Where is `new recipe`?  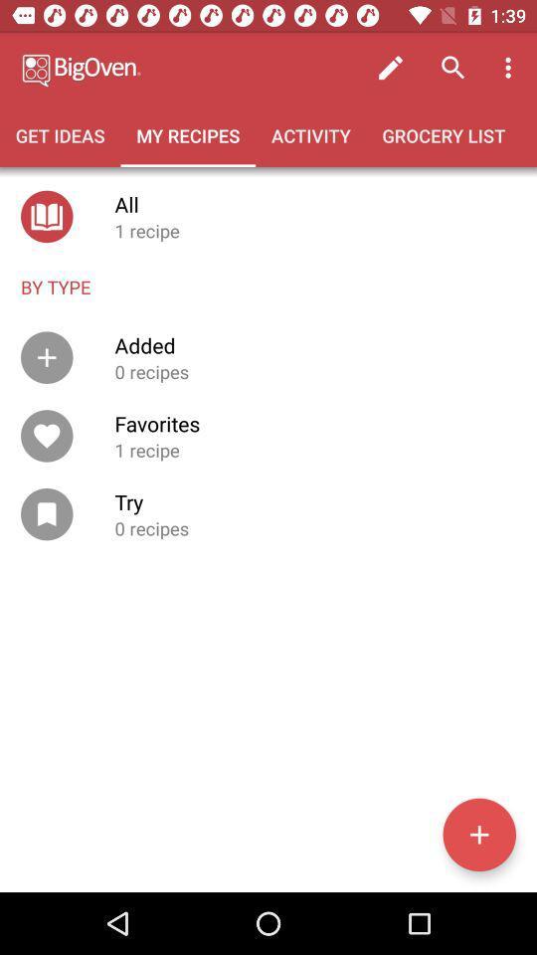 new recipe is located at coordinates (478, 835).